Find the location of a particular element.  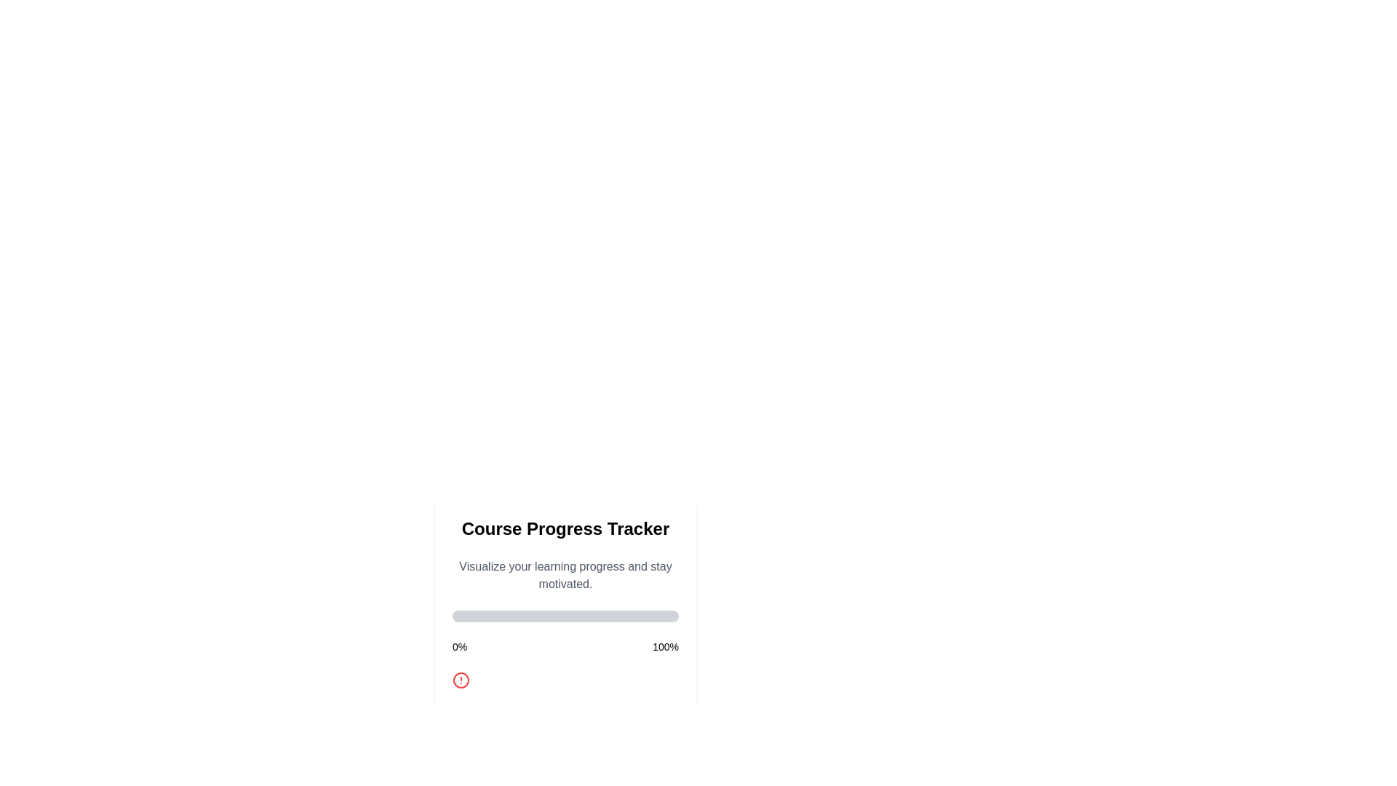

the Static Label displaying '100%' which is positioned on the far right side of the progress indicator section, aligned with the '0%' label on the left is located at coordinates (665, 646).